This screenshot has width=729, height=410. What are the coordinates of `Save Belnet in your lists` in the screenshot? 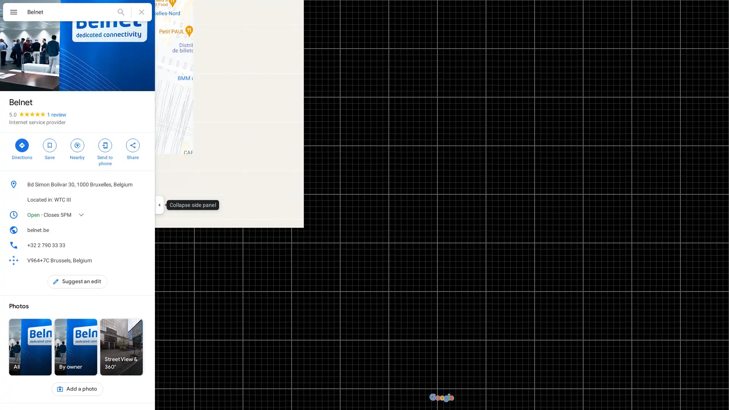 It's located at (49, 148).